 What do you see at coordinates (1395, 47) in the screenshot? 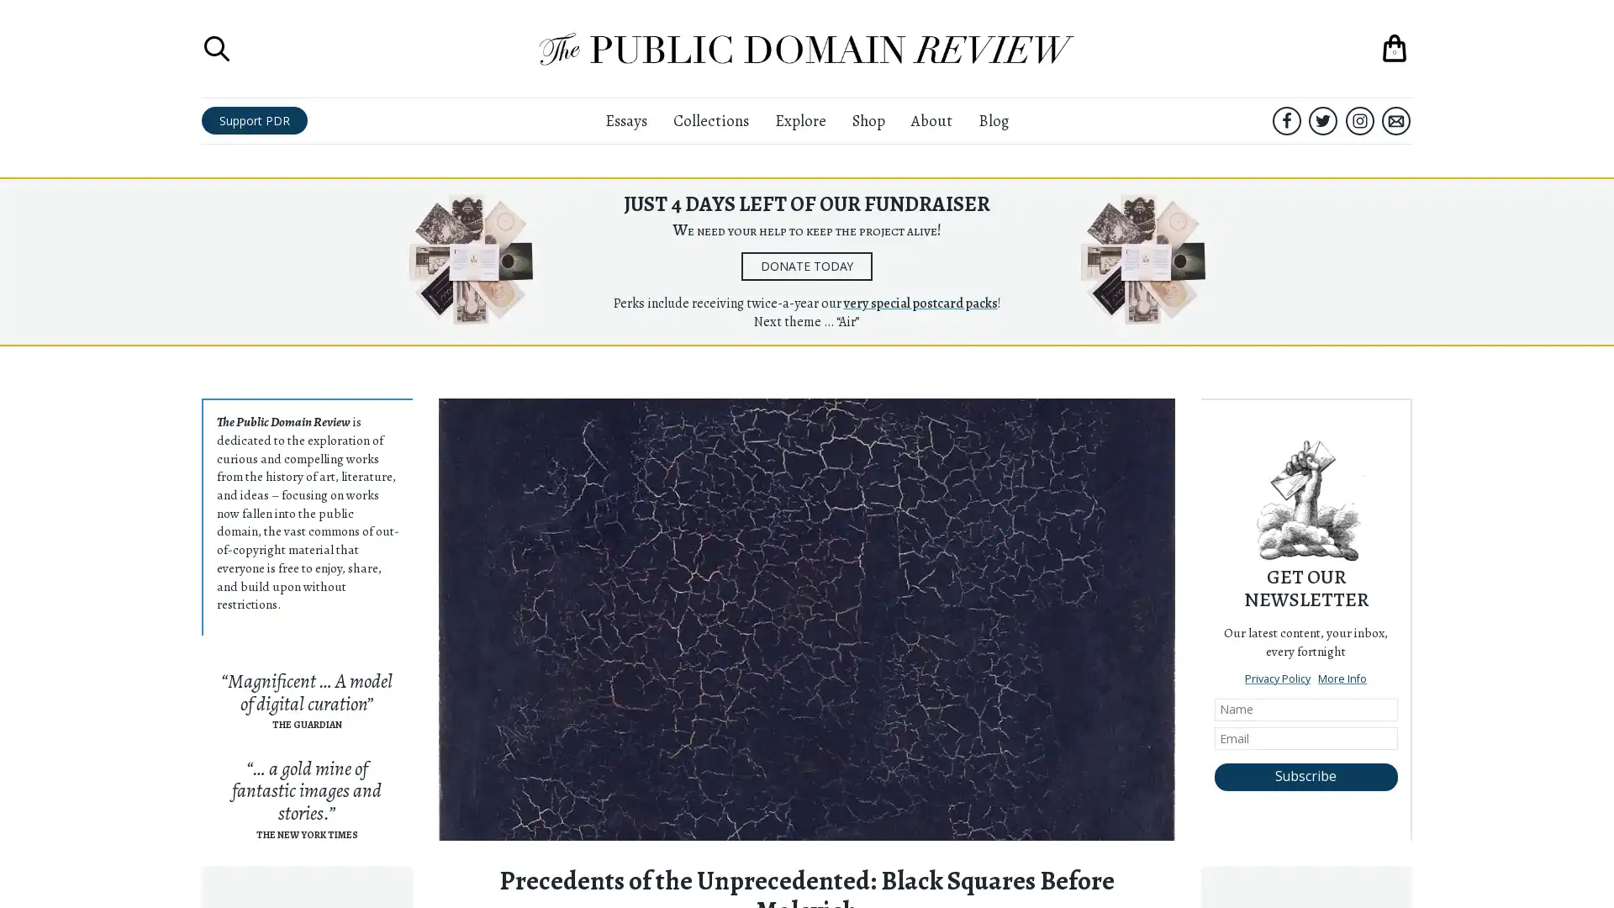
I see `0` at bounding box center [1395, 47].